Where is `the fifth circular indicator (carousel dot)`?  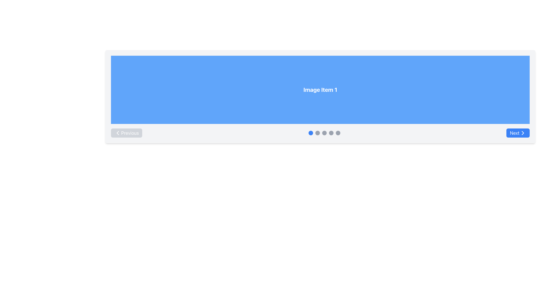
the fifth circular indicator (carousel dot) is located at coordinates (338, 133).